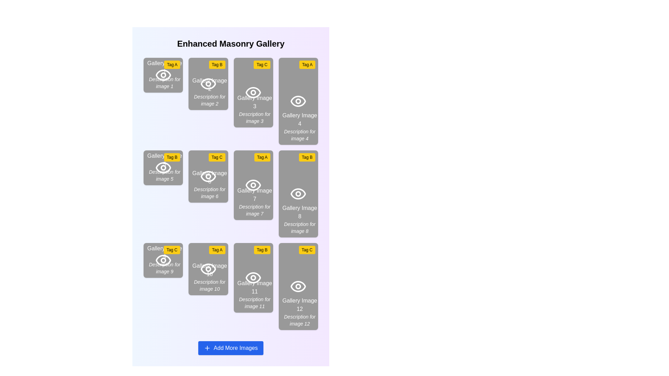 The image size is (669, 376). What do you see at coordinates (163, 75) in the screenshot?
I see `the eye icon located in the center of the first image box in the gallery grid` at bounding box center [163, 75].